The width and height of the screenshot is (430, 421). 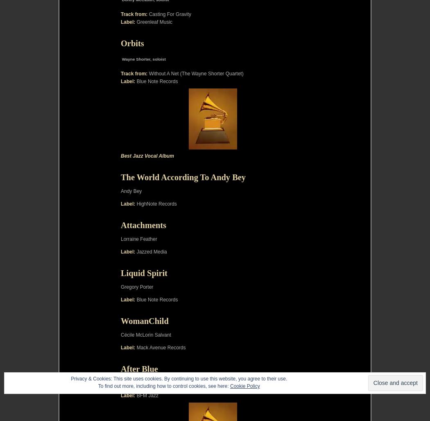 I want to click on 'Andy Bey', so click(x=131, y=190).